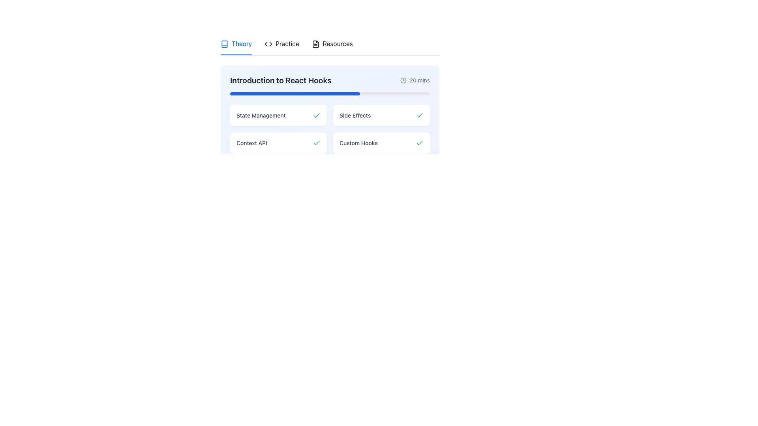 The width and height of the screenshot is (758, 426). Describe the element at coordinates (315, 44) in the screenshot. I see `the document icon in the 'Resources' tab` at that location.